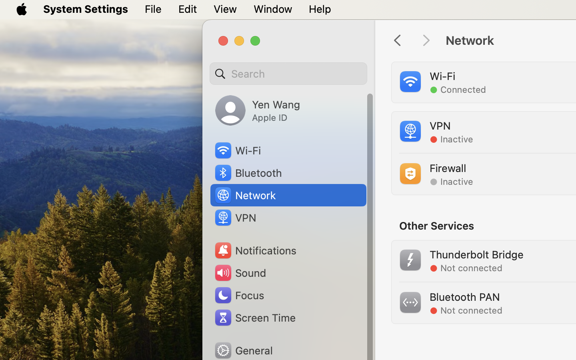  Describe the element at coordinates (237, 150) in the screenshot. I see `'Wi‑Fi'` at that location.